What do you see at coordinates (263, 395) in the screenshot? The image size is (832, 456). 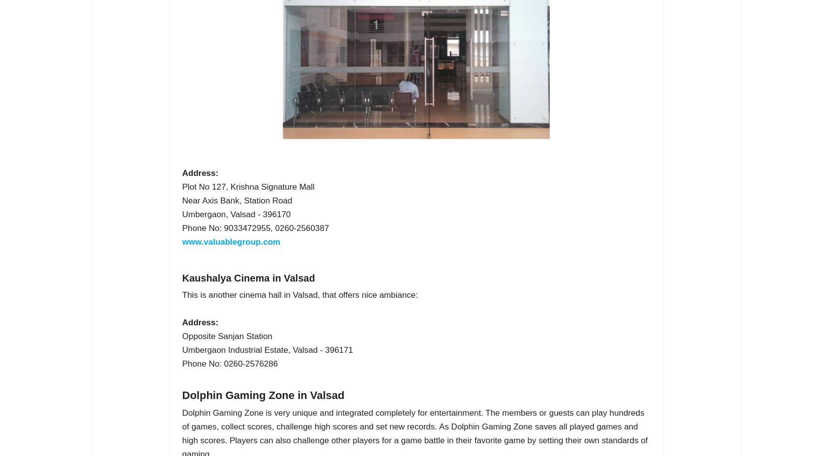 I see `'Dolphin Gaming Zone in Valsad'` at bounding box center [263, 395].